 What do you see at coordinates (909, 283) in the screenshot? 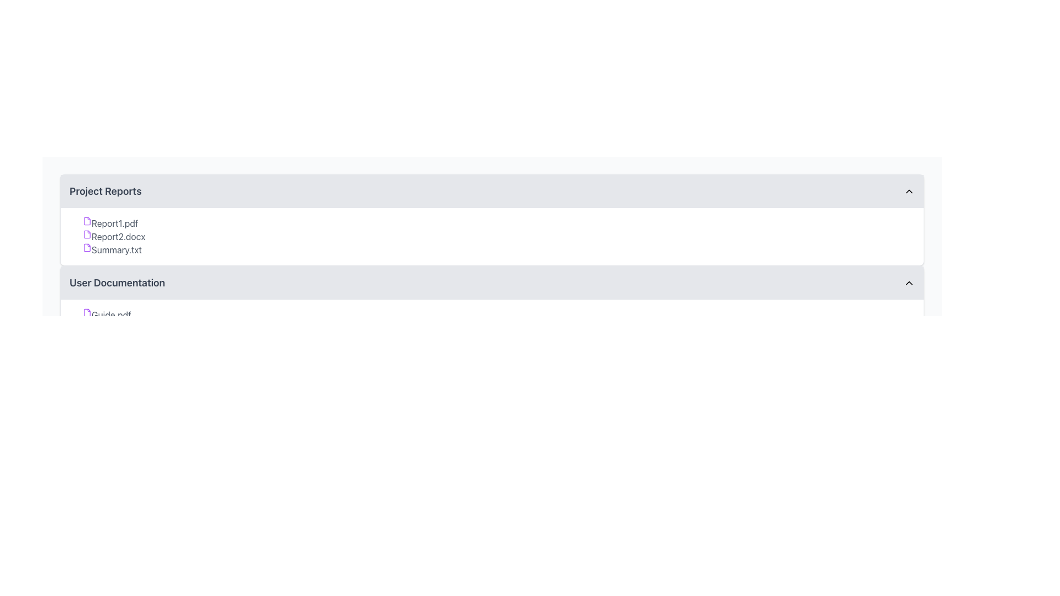
I see `the toggle button (chevron icon) located at the rightmost corner of the 'User Documentation' header` at bounding box center [909, 283].